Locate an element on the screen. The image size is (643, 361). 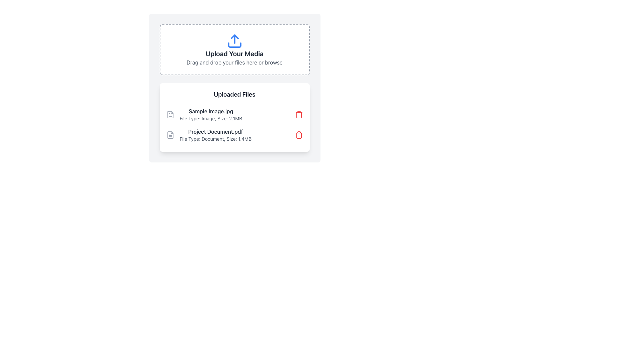
text from the file entry labeled 'Sample Image.jpg' which is displayed in bold dark gray text along with its metadata 'File Type: Image, Size: 2.1MB' is located at coordinates (210, 114).